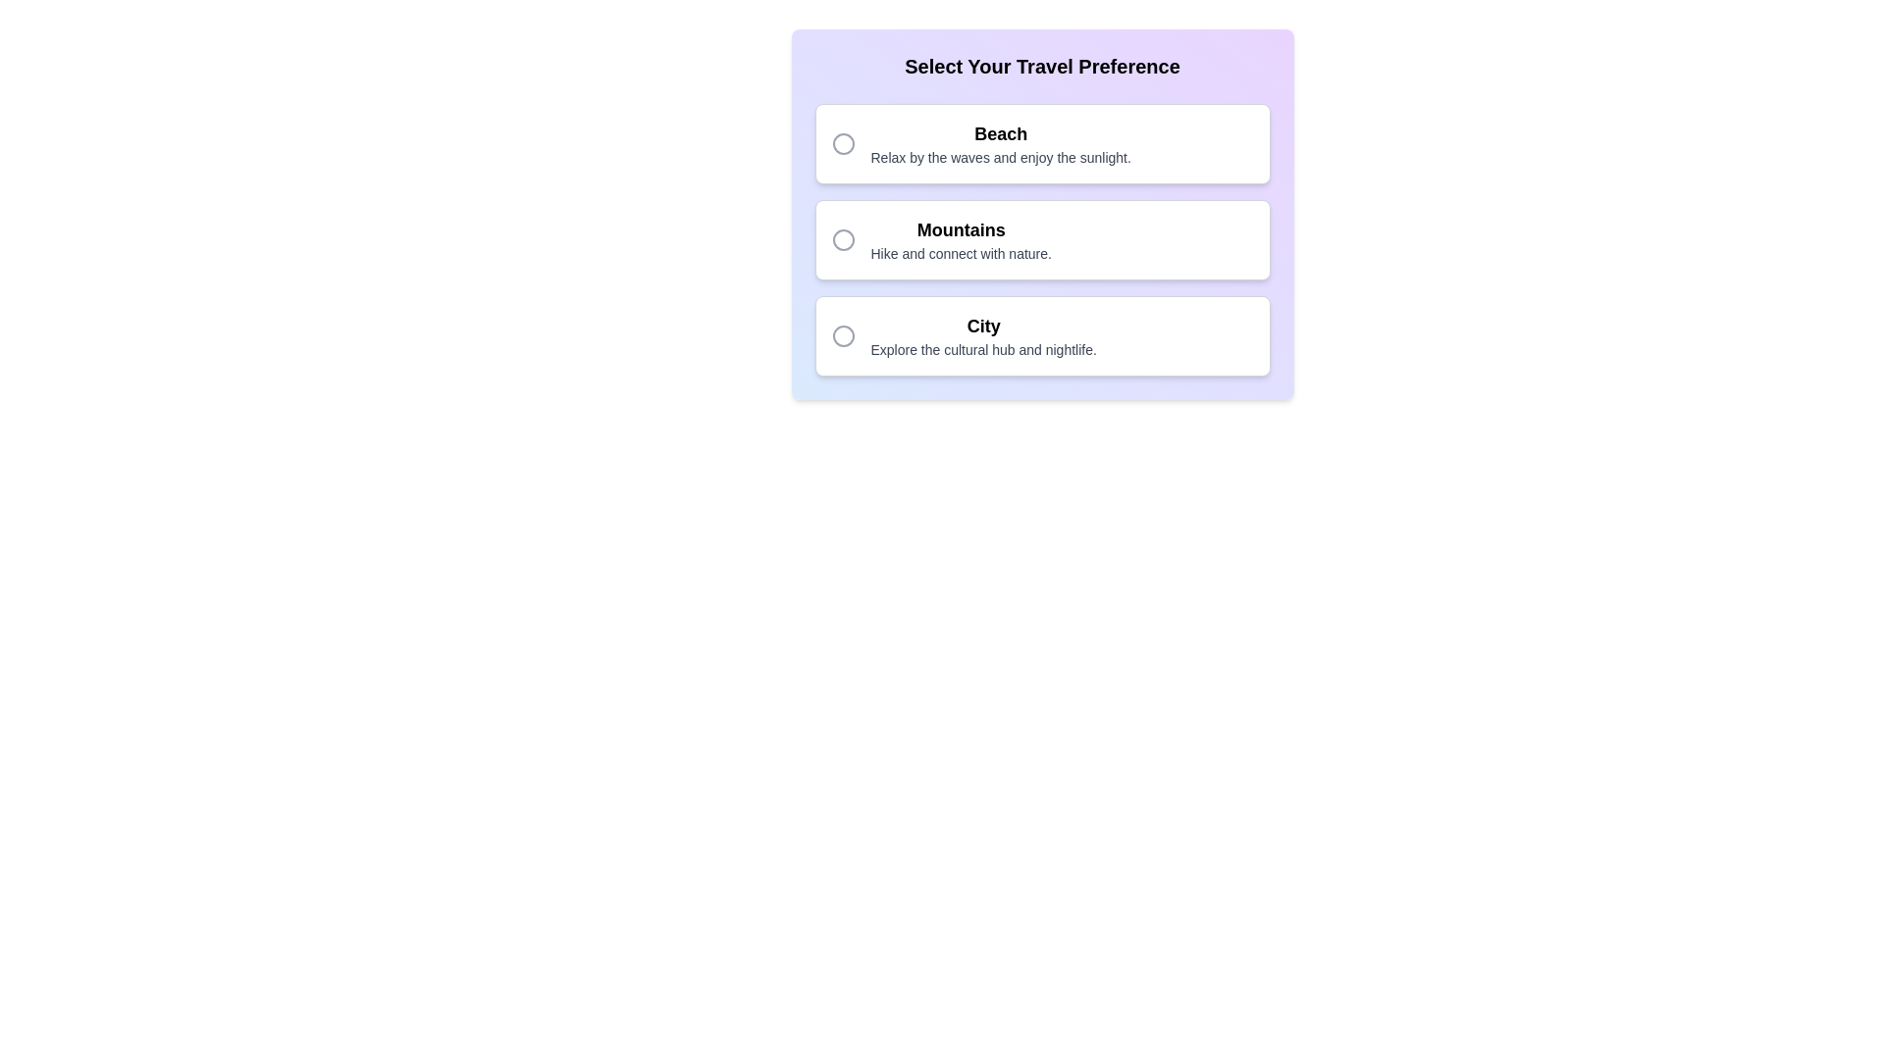 The width and height of the screenshot is (1884, 1059). What do you see at coordinates (961, 252) in the screenshot?
I see `the text label that reads 'Hike and connect with nature,' which is positioned below the bold title 'Mountains' in the travel options section` at bounding box center [961, 252].